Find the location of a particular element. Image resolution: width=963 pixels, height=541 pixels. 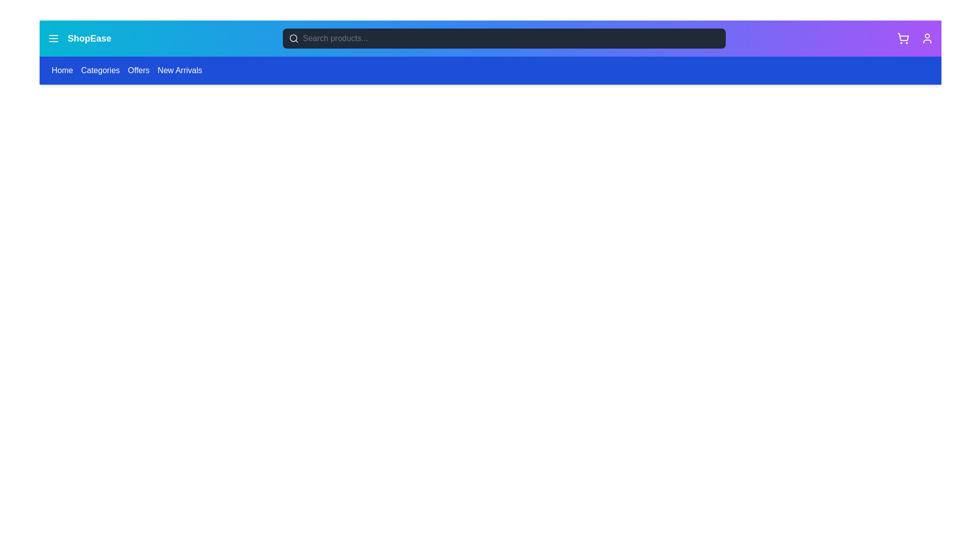

the 'Offers' hyperlink in the navigation menu is located at coordinates (138, 70).